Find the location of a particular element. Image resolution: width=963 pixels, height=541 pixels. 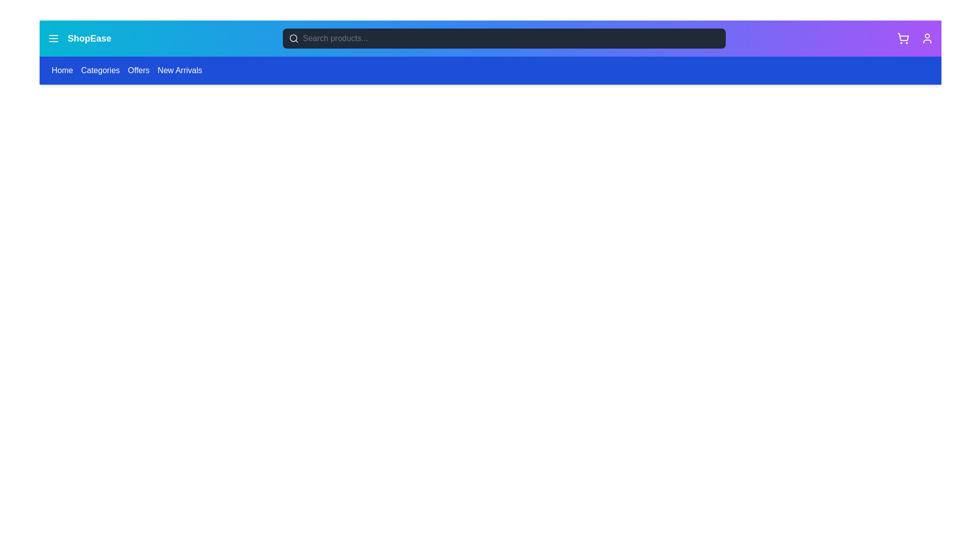

the 'Offers' hyperlink in the navigation menu is located at coordinates (138, 70).